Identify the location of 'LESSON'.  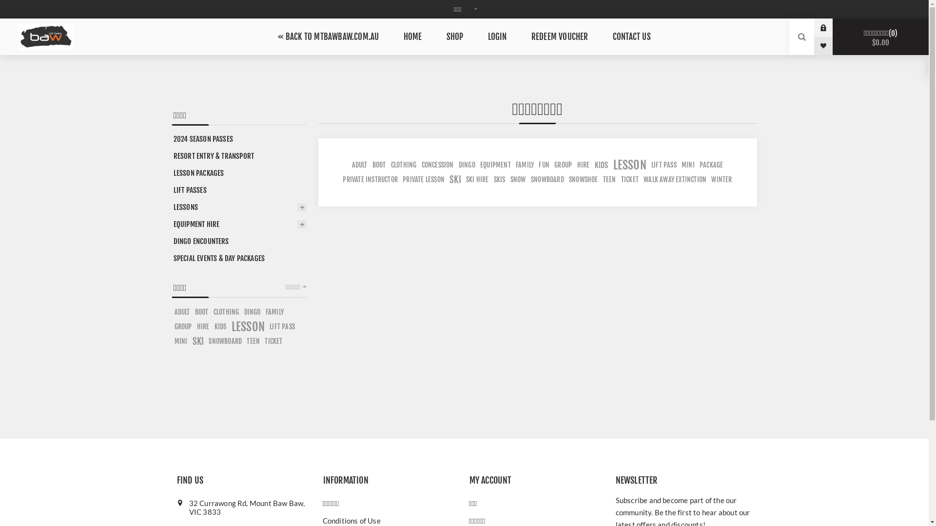
(629, 165).